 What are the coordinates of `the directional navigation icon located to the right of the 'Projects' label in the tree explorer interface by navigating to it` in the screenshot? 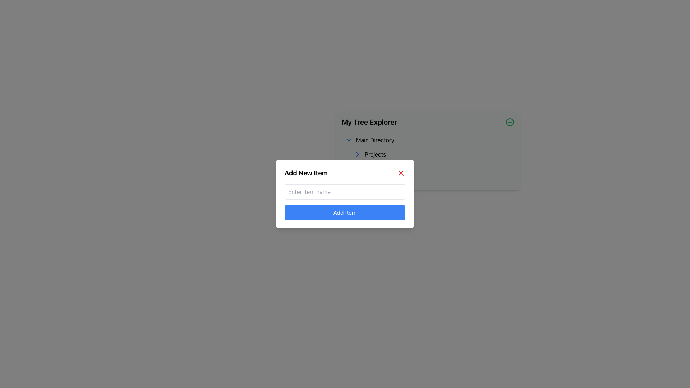 It's located at (357, 154).